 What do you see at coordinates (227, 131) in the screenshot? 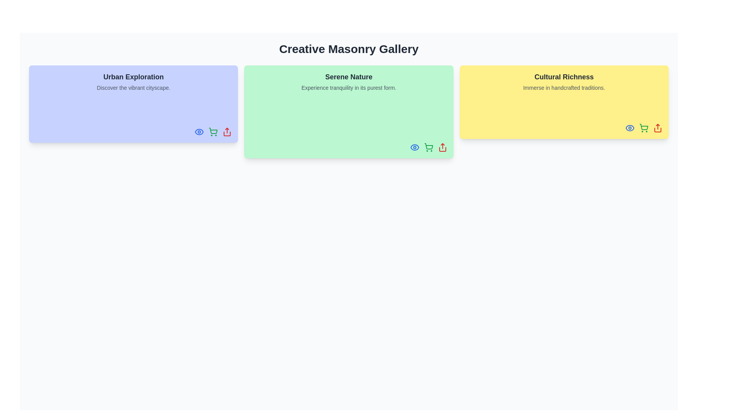
I see `the sharing button located at the far right of the horizontal arrangement of icons on the 'Urban Exploration' card` at bounding box center [227, 131].